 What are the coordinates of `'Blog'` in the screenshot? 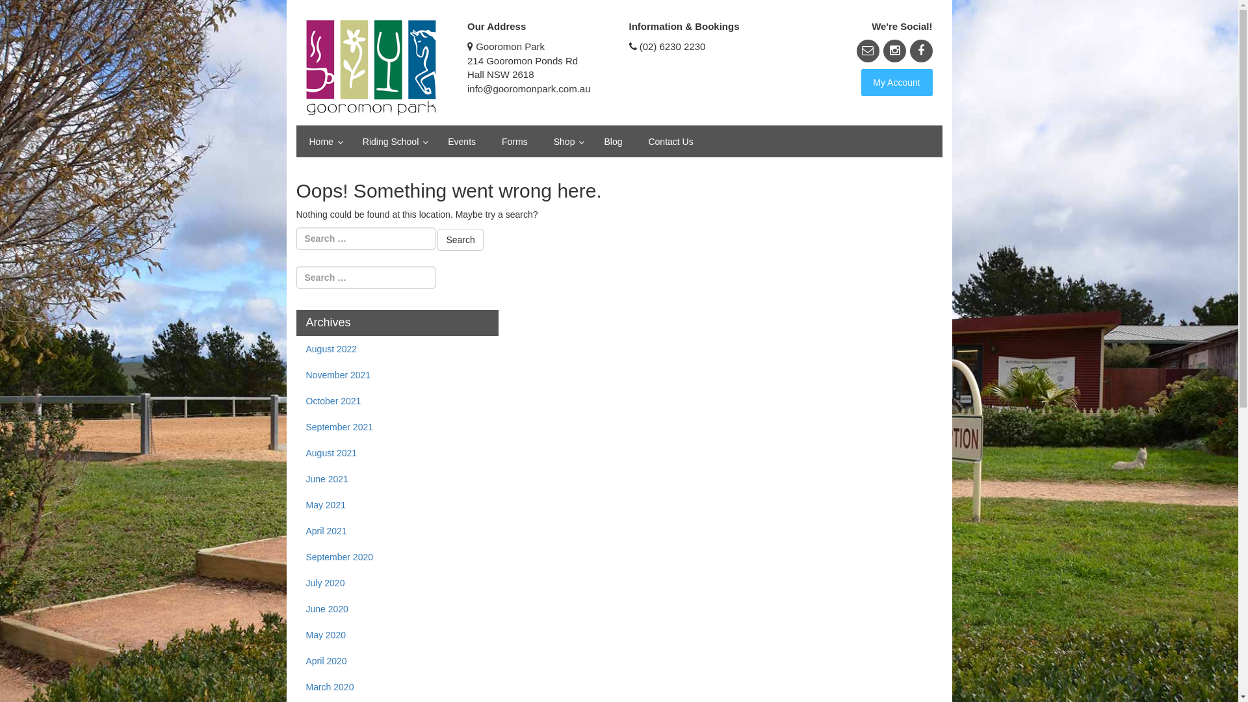 It's located at (590, 141).